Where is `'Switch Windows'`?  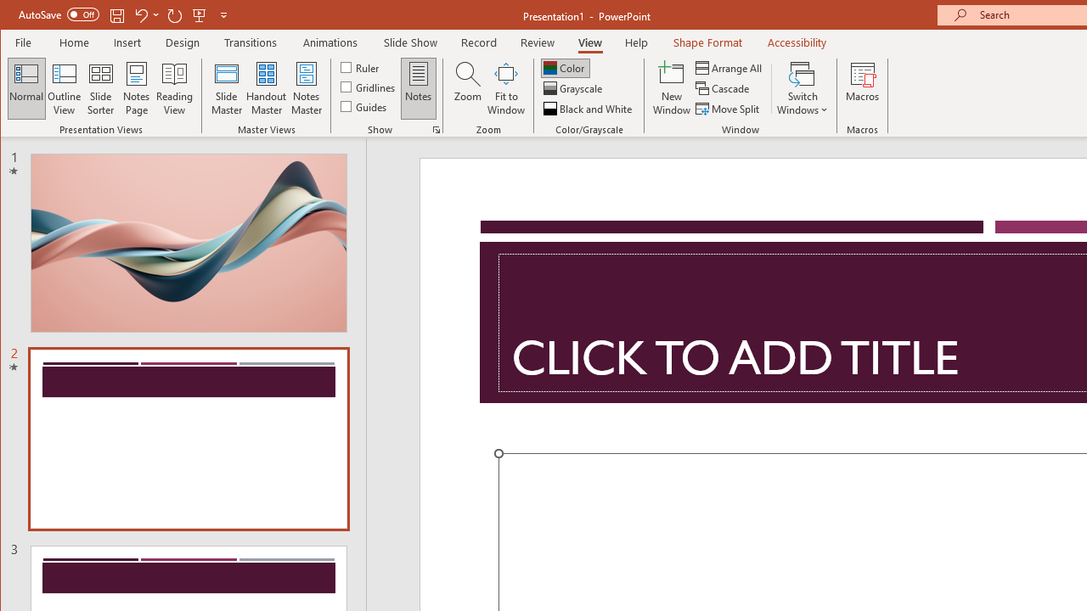 'Switch Windows' is located at coordinates (802, 88).